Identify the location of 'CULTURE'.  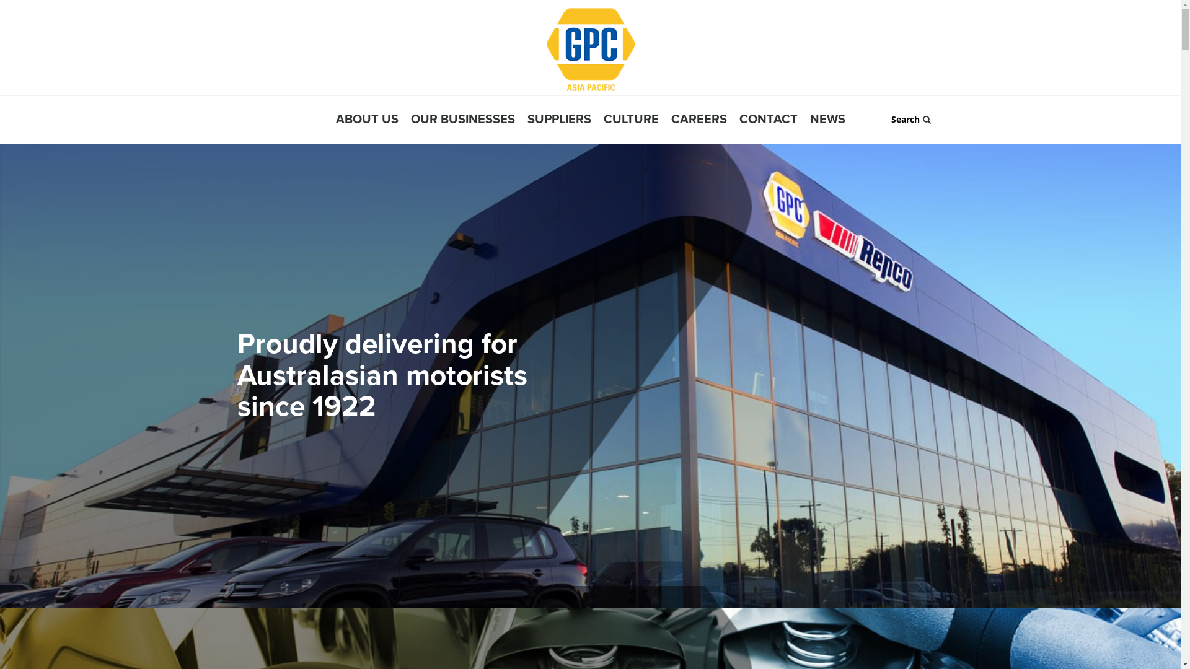
(637, 121).